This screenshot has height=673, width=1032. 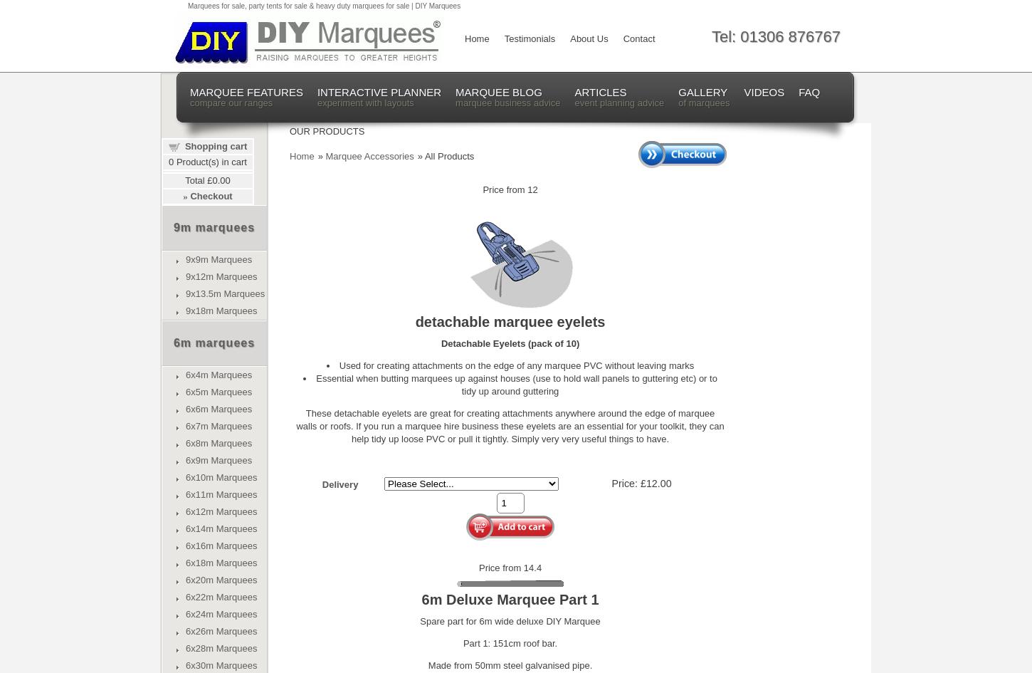 I want to click on 'Shopping cart', so click(x=216, y=145).